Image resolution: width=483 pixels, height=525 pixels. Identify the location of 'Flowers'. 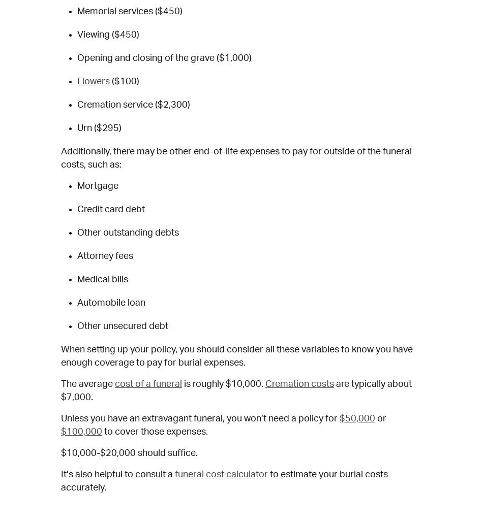
(94, 81).